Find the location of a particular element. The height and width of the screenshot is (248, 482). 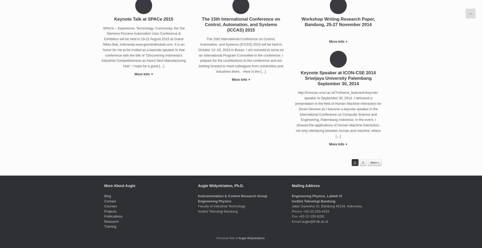

'augie@tf.itb.ac.id' is located at coordinates (314, 221).